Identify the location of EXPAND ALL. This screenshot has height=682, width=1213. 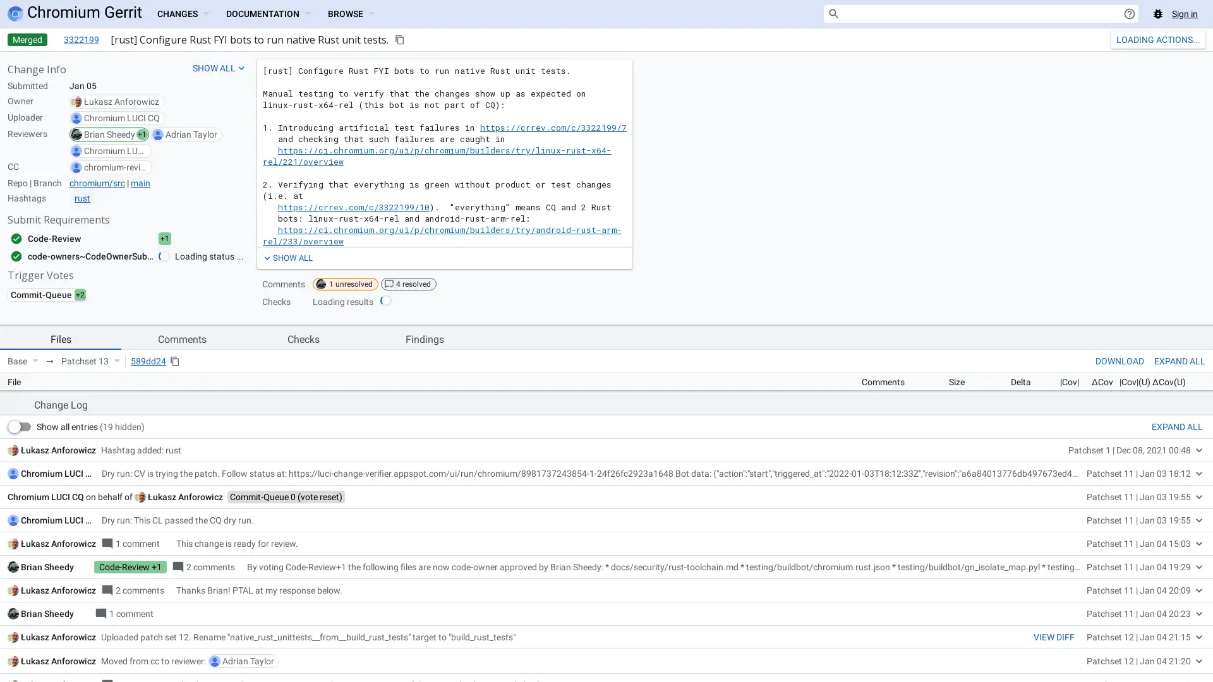
(1176, 601).